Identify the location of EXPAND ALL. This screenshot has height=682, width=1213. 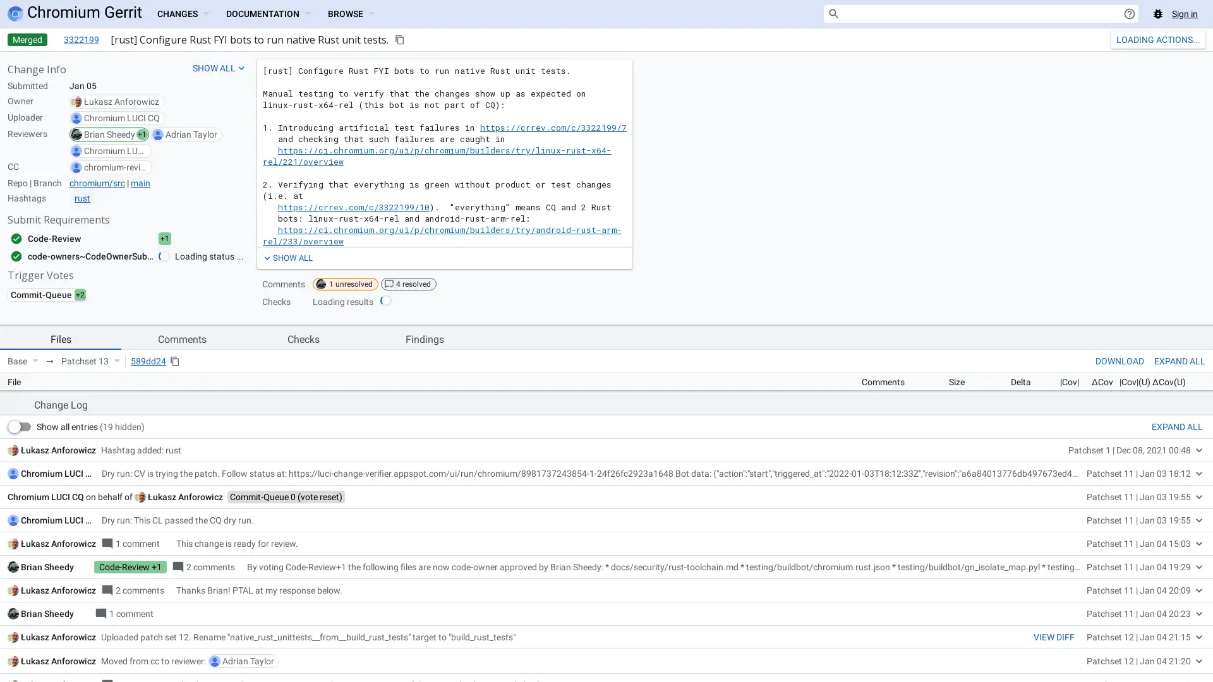
(1176, 601).